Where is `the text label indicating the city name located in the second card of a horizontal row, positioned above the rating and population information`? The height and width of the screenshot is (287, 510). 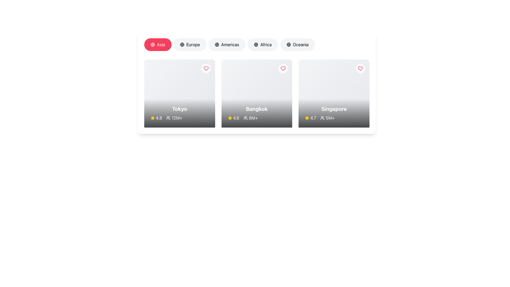
the text label indicating the city name located in the second card of a horizontal row, positioned above the rating and population information is located at coordinates (257, 108).